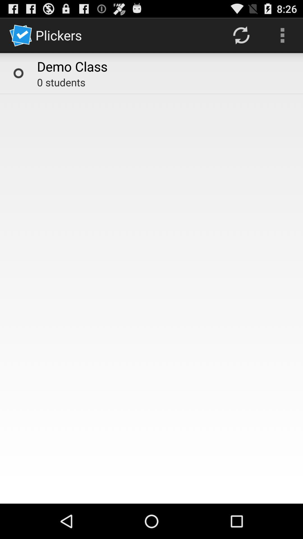 This screenshot has height=539, width=303. I want to click on app next to demo class icon, so click(241, 35).